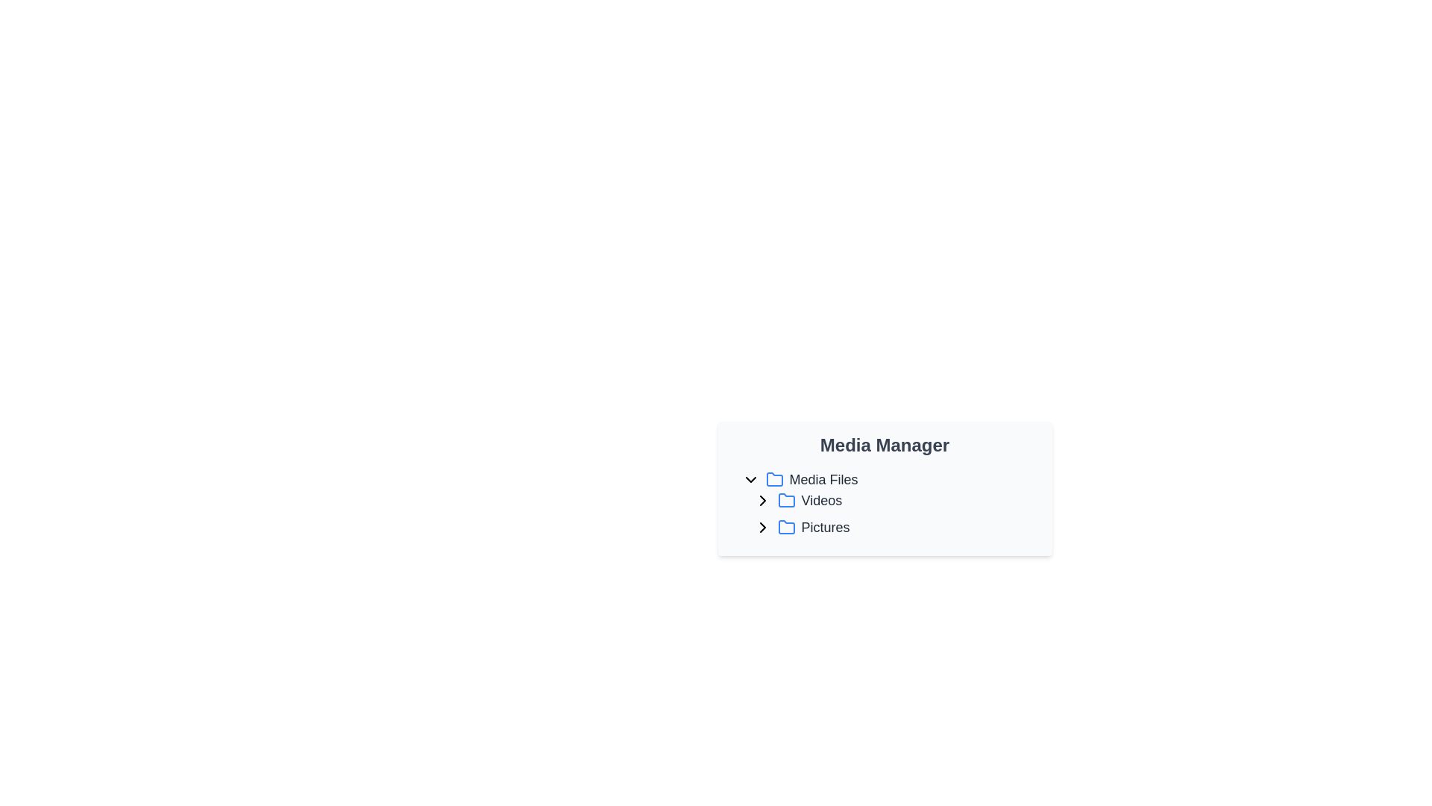  I want to click on the folder icon representing the 'Media Files' within the 'Media Manager', located between the collapse/expand icon and the text 'Media Files', so click(774, 480).